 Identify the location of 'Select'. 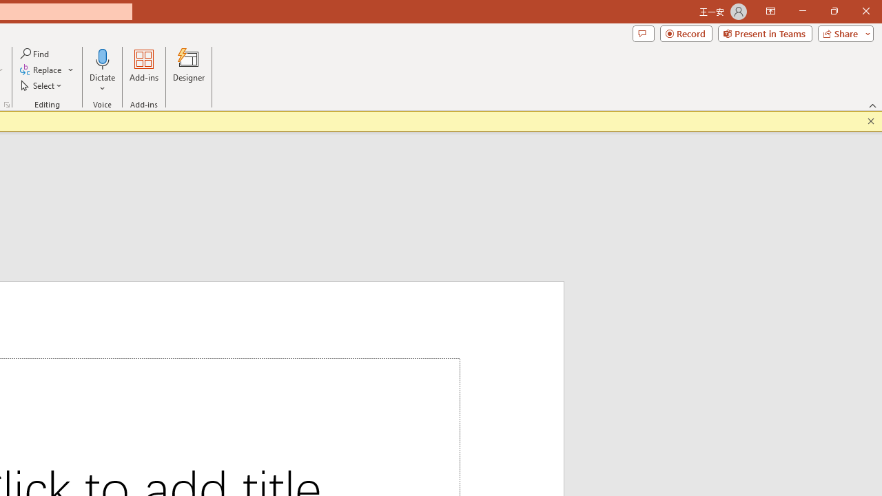
(42, 85).